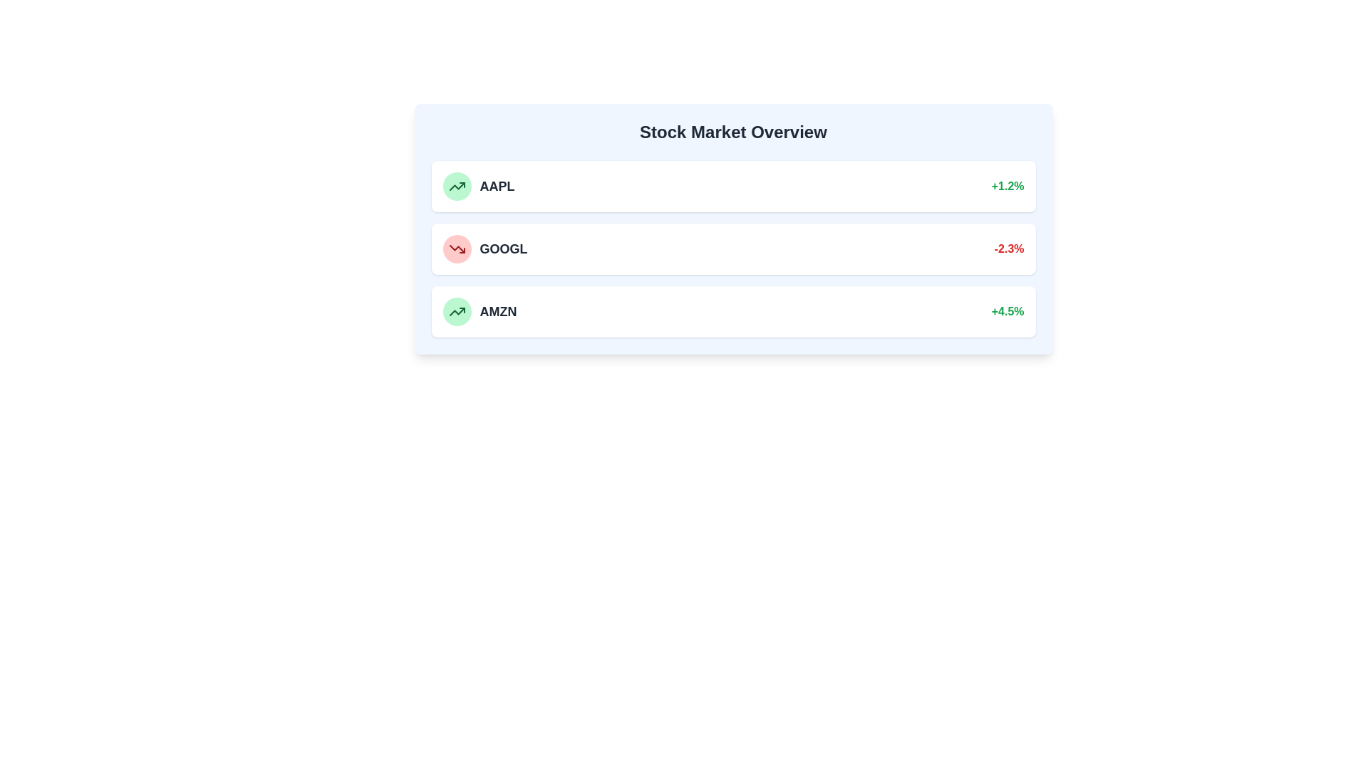 The image size is (1368, 769). What do you see at coordinates (733, 186) in the screenshot?
I see `the stock entry for AAPL to view its details` at bounding box center [733, 186].